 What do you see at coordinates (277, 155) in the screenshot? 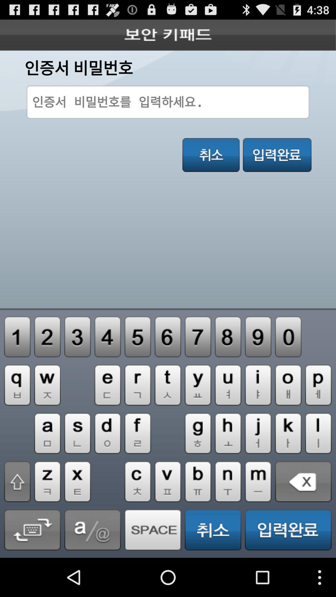
I see `item at the top right corner` at bounding box center [277, 155].